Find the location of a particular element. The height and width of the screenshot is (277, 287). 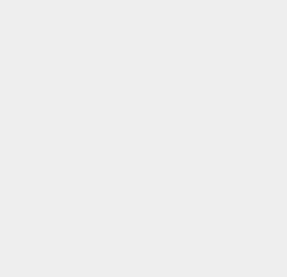

'macOS 10.12' is located at coordinates (214, 172).